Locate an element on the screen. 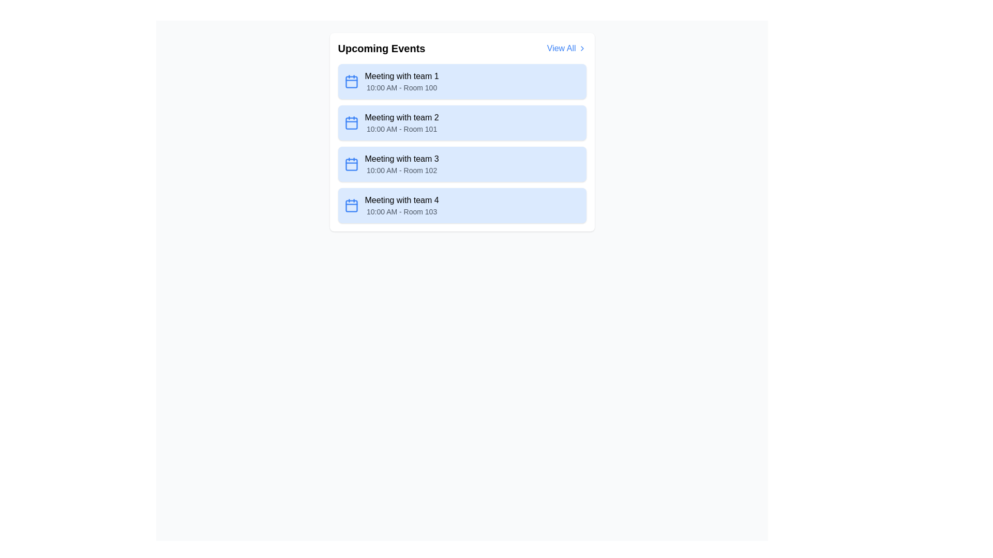 The height and width of the screenshot is (558, 993). the fourth list item displaying 'Meeting with team 4' scheduled for '10:00 AM - Room 103' under 'Upcoming Events' is located at coordinates (461, 205).